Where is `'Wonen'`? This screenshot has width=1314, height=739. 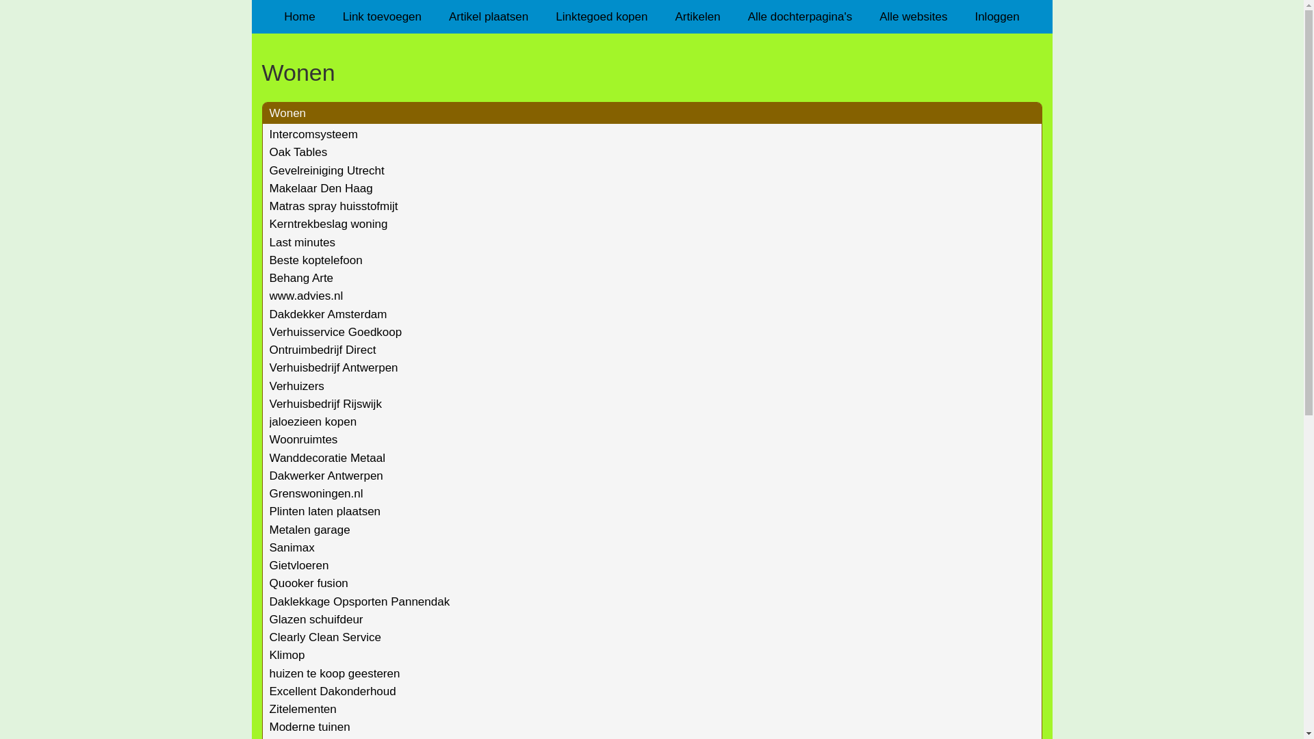 'Wonen' is located at coordinates (287, 112).